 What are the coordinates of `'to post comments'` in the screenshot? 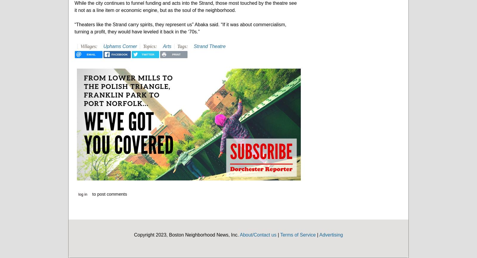 It's located at (91, 194).